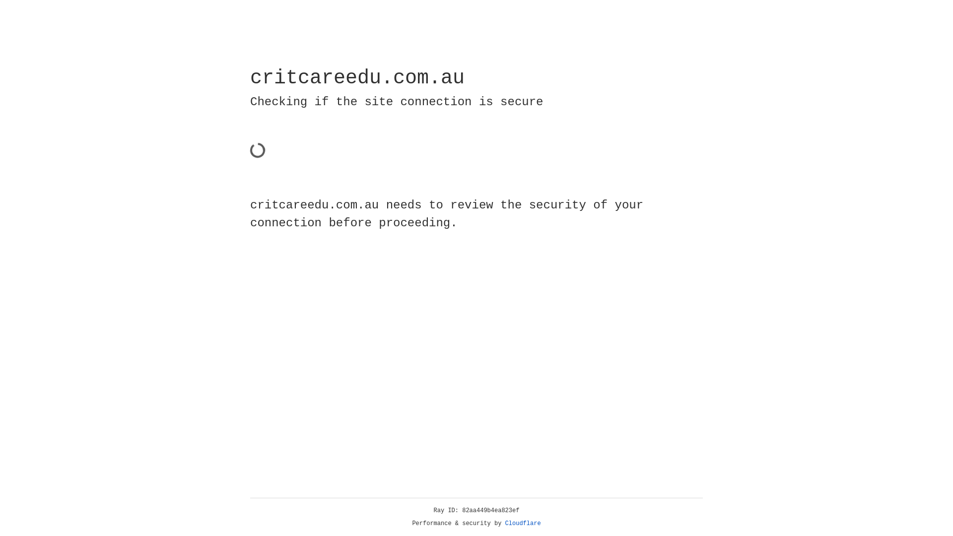 The image size is (953, 536). I want to click on 'Cloudflare', so click(523, 523).